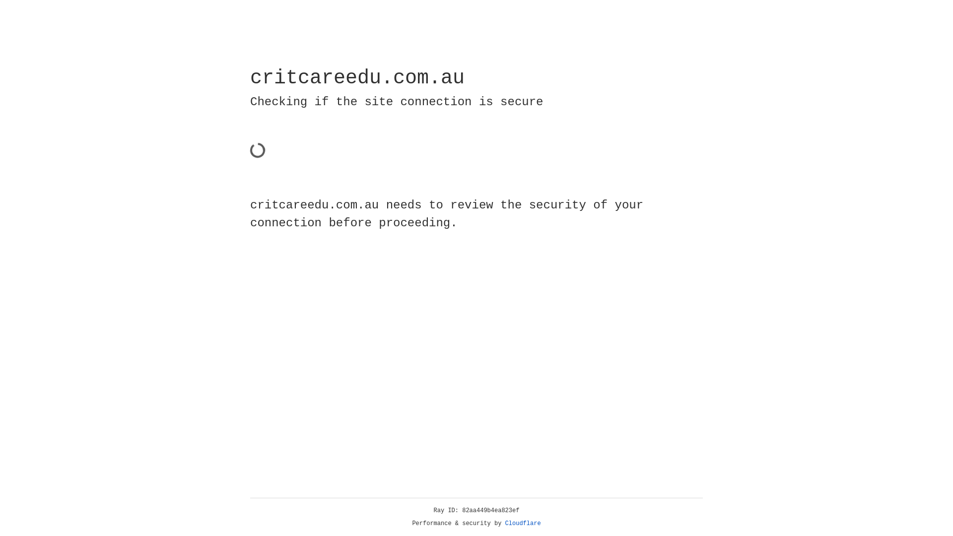 The image size is (953, 536). I want to click on 'Cloudflare', so click(523, 523).